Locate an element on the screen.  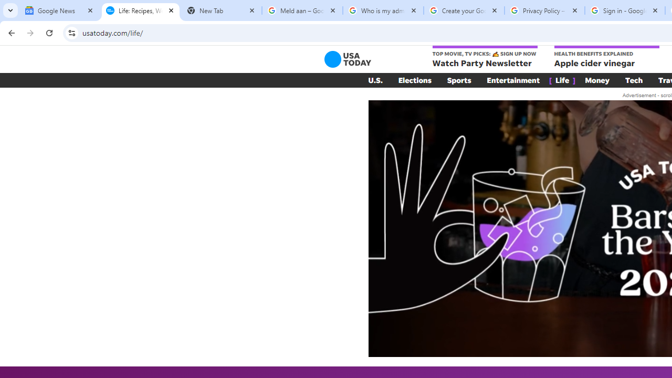
'Who is my administrator? - Google Account Help' is located at coordinates (383, 10).